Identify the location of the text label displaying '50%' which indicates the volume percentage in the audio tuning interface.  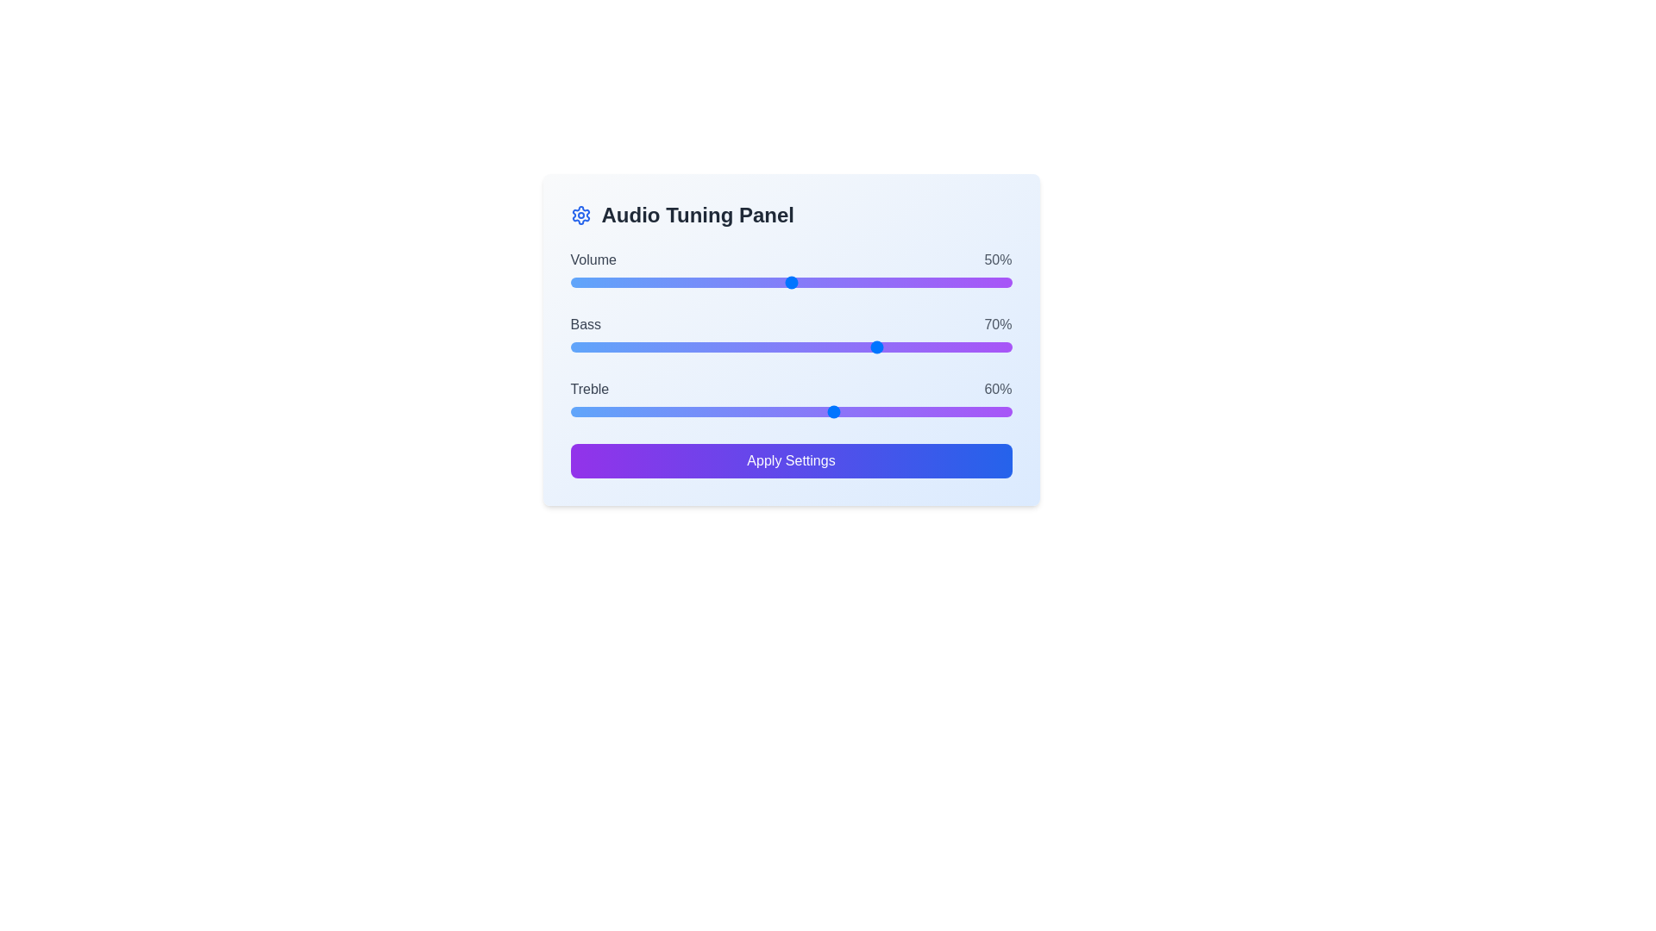
(998, 259).